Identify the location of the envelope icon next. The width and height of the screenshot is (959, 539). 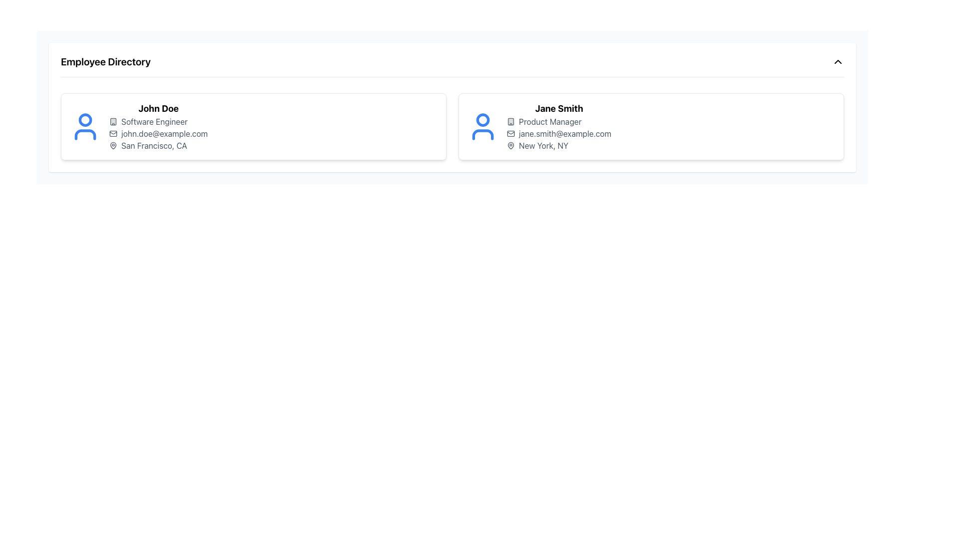
(510, 133).